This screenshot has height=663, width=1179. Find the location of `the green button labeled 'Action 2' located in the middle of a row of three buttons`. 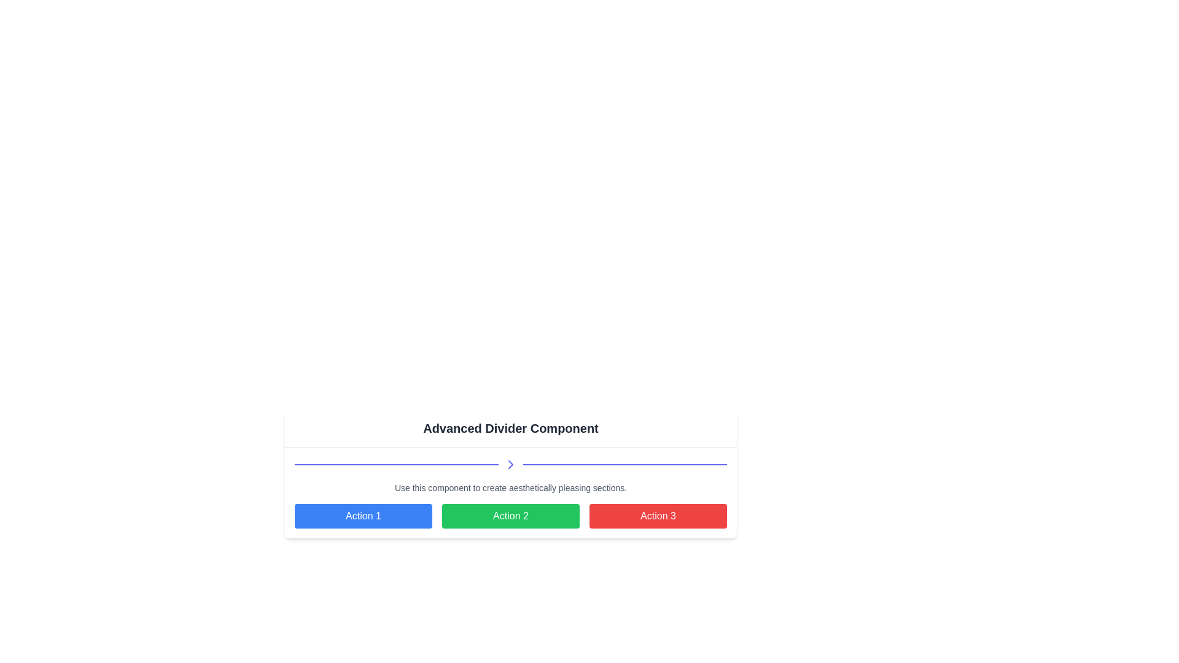

the green button labeled 'Action 2' located in the middle of a row of three buttons is located at coordinates (510, 516).